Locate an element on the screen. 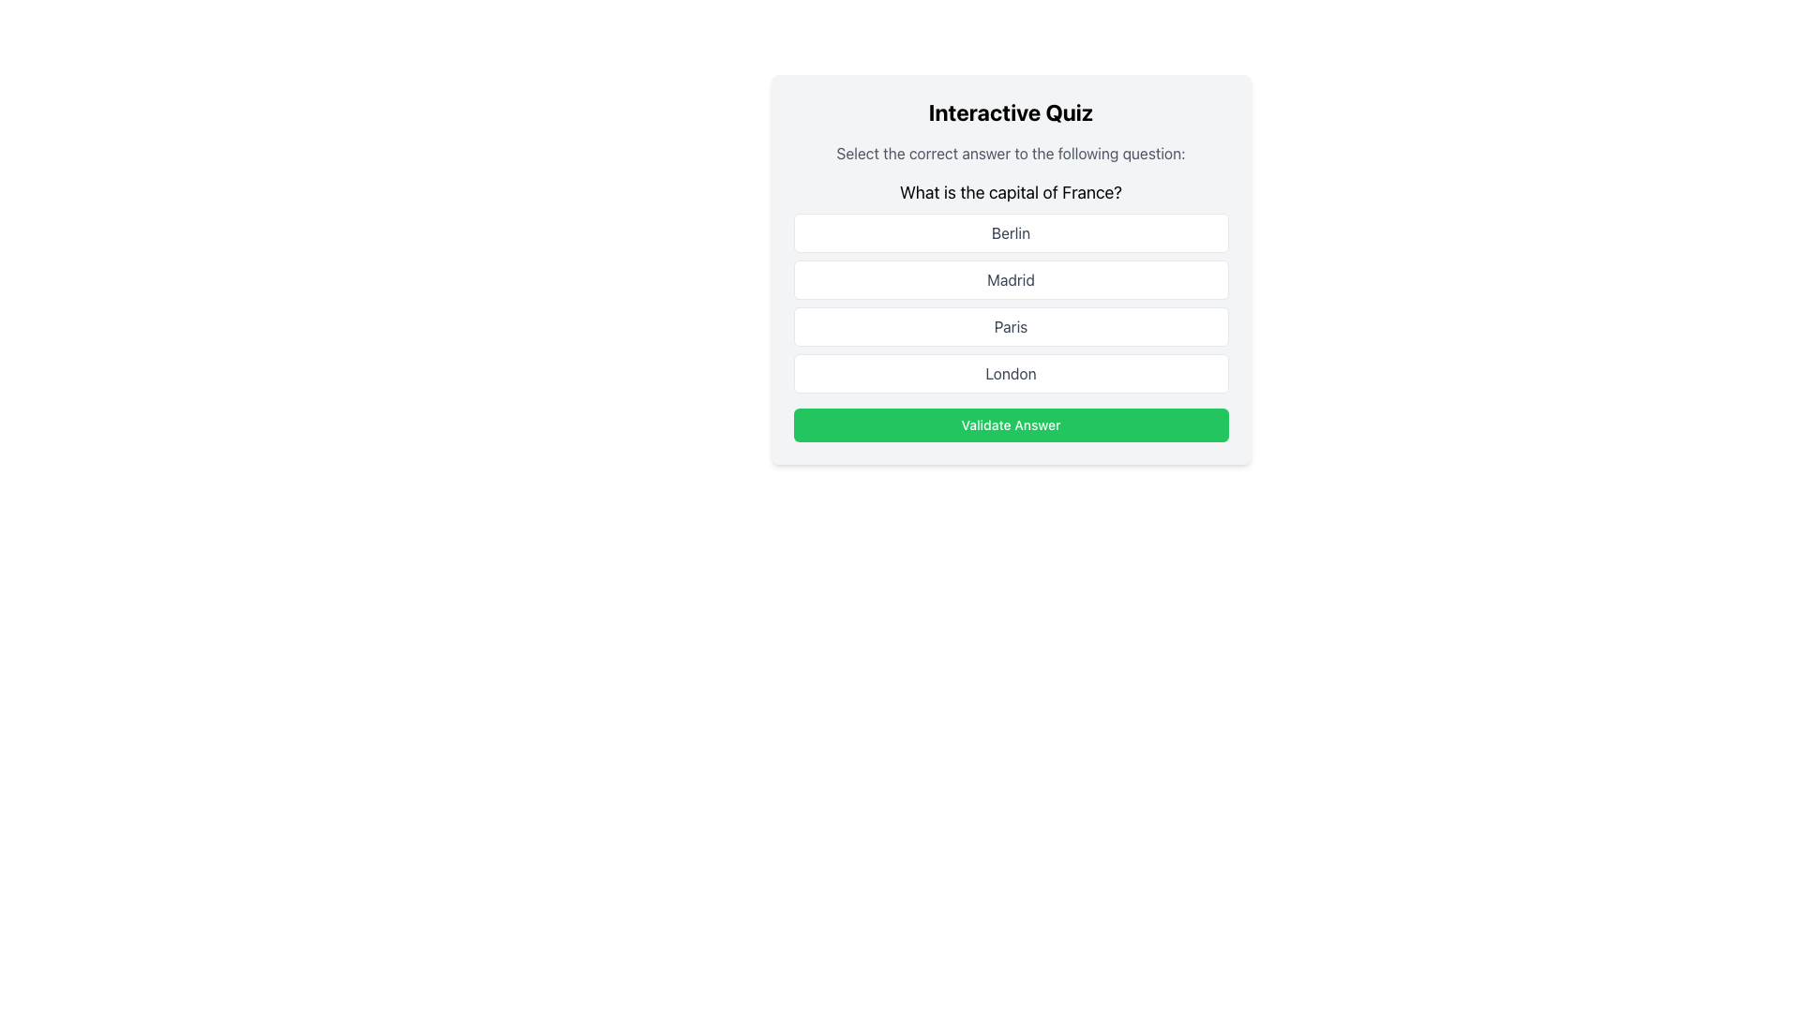 Image resolution: width=1800 pixels, height=1012 pixels. the button labeled 'Madrid' which is the second item in a vertical list of buttons in a multiple-choice quiz interface is located at coordinates (1010, 280).